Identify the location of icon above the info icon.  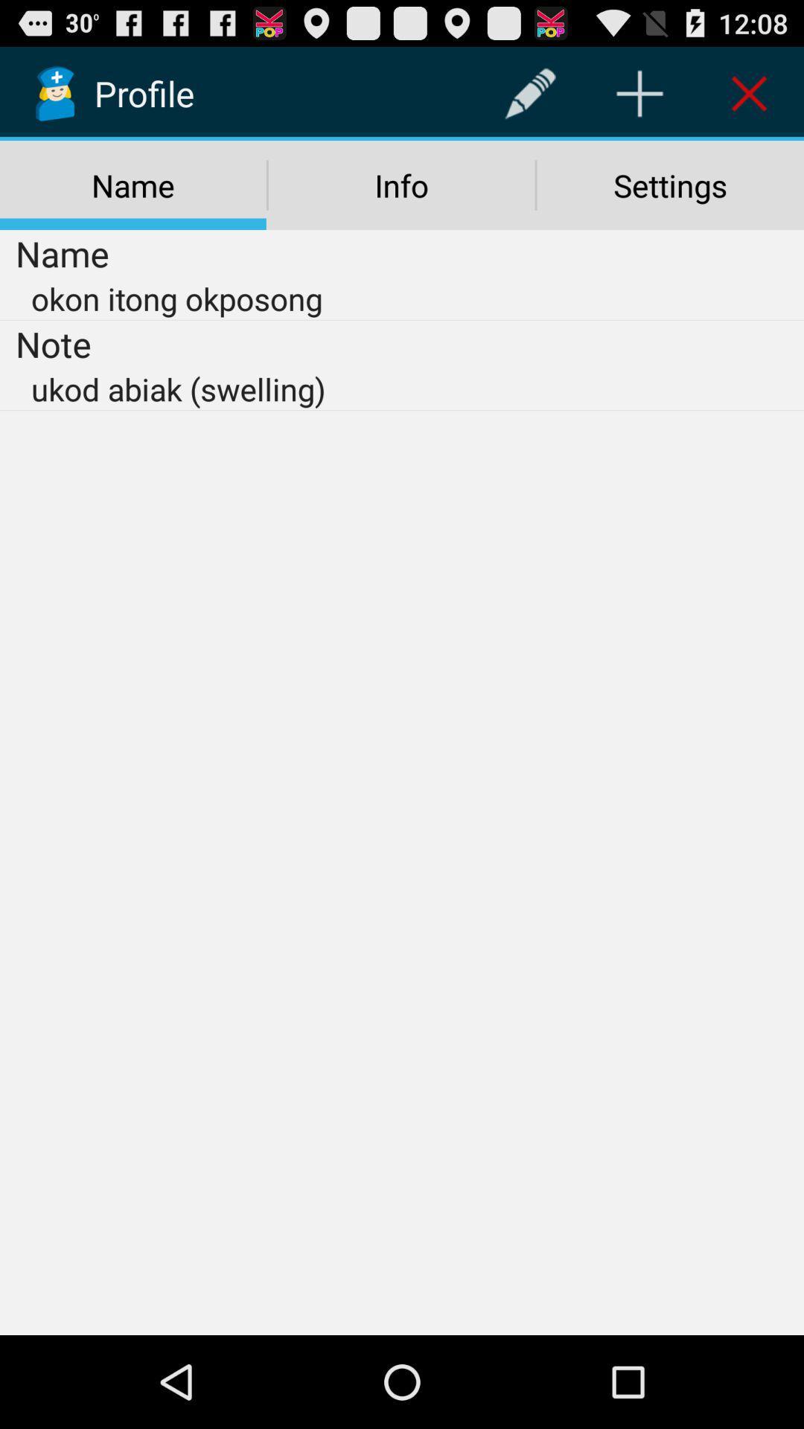
(529, 92).